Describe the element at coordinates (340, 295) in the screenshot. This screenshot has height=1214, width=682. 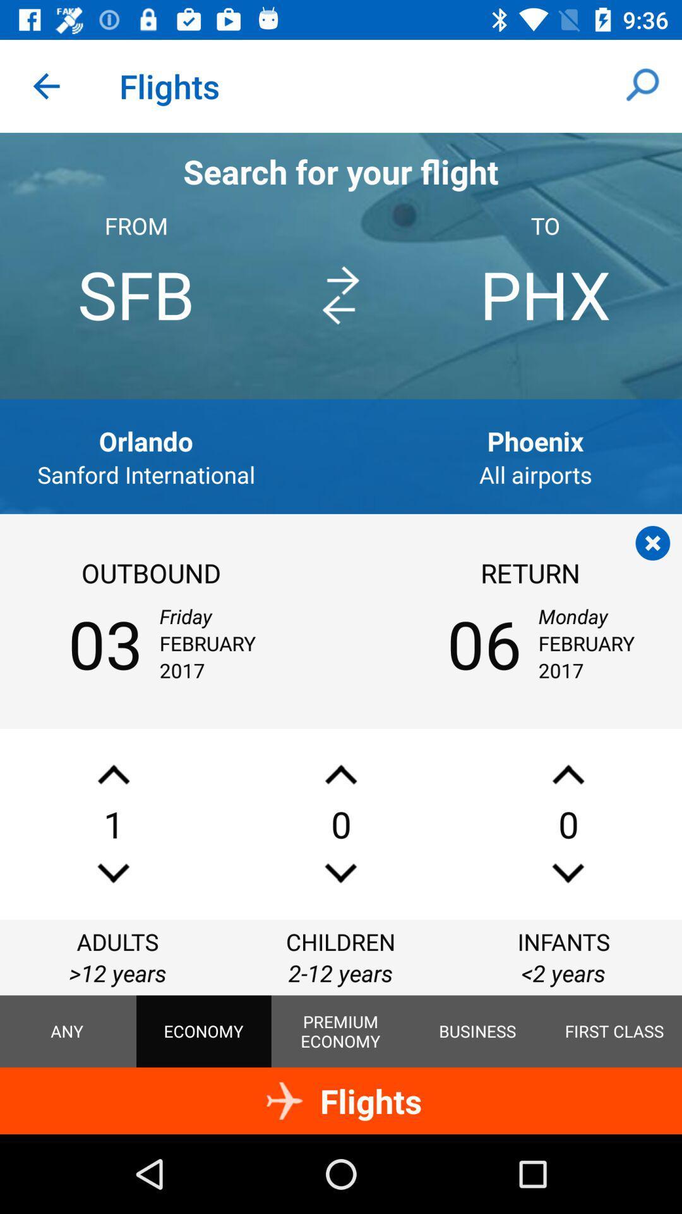
I see `item next to phx` at that location.